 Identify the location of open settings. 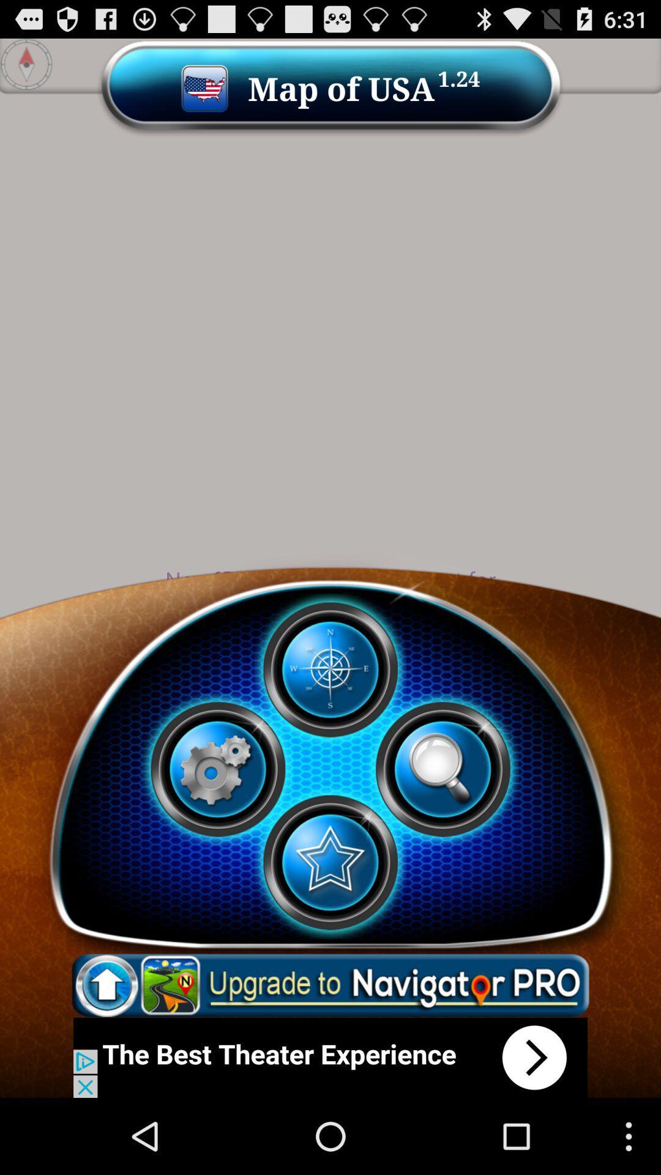
(217, 769).